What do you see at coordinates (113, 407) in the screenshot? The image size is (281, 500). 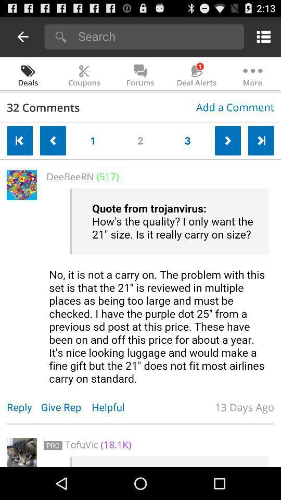 I see `helpful button` at bounding box center [113, 407].